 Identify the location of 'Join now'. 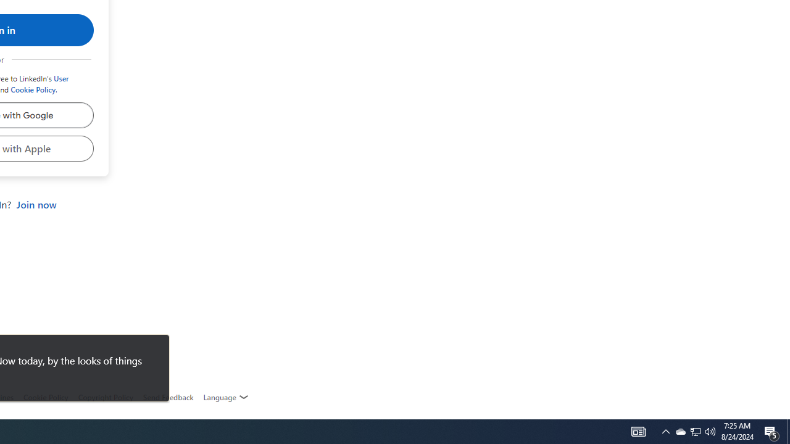
(36, 204).